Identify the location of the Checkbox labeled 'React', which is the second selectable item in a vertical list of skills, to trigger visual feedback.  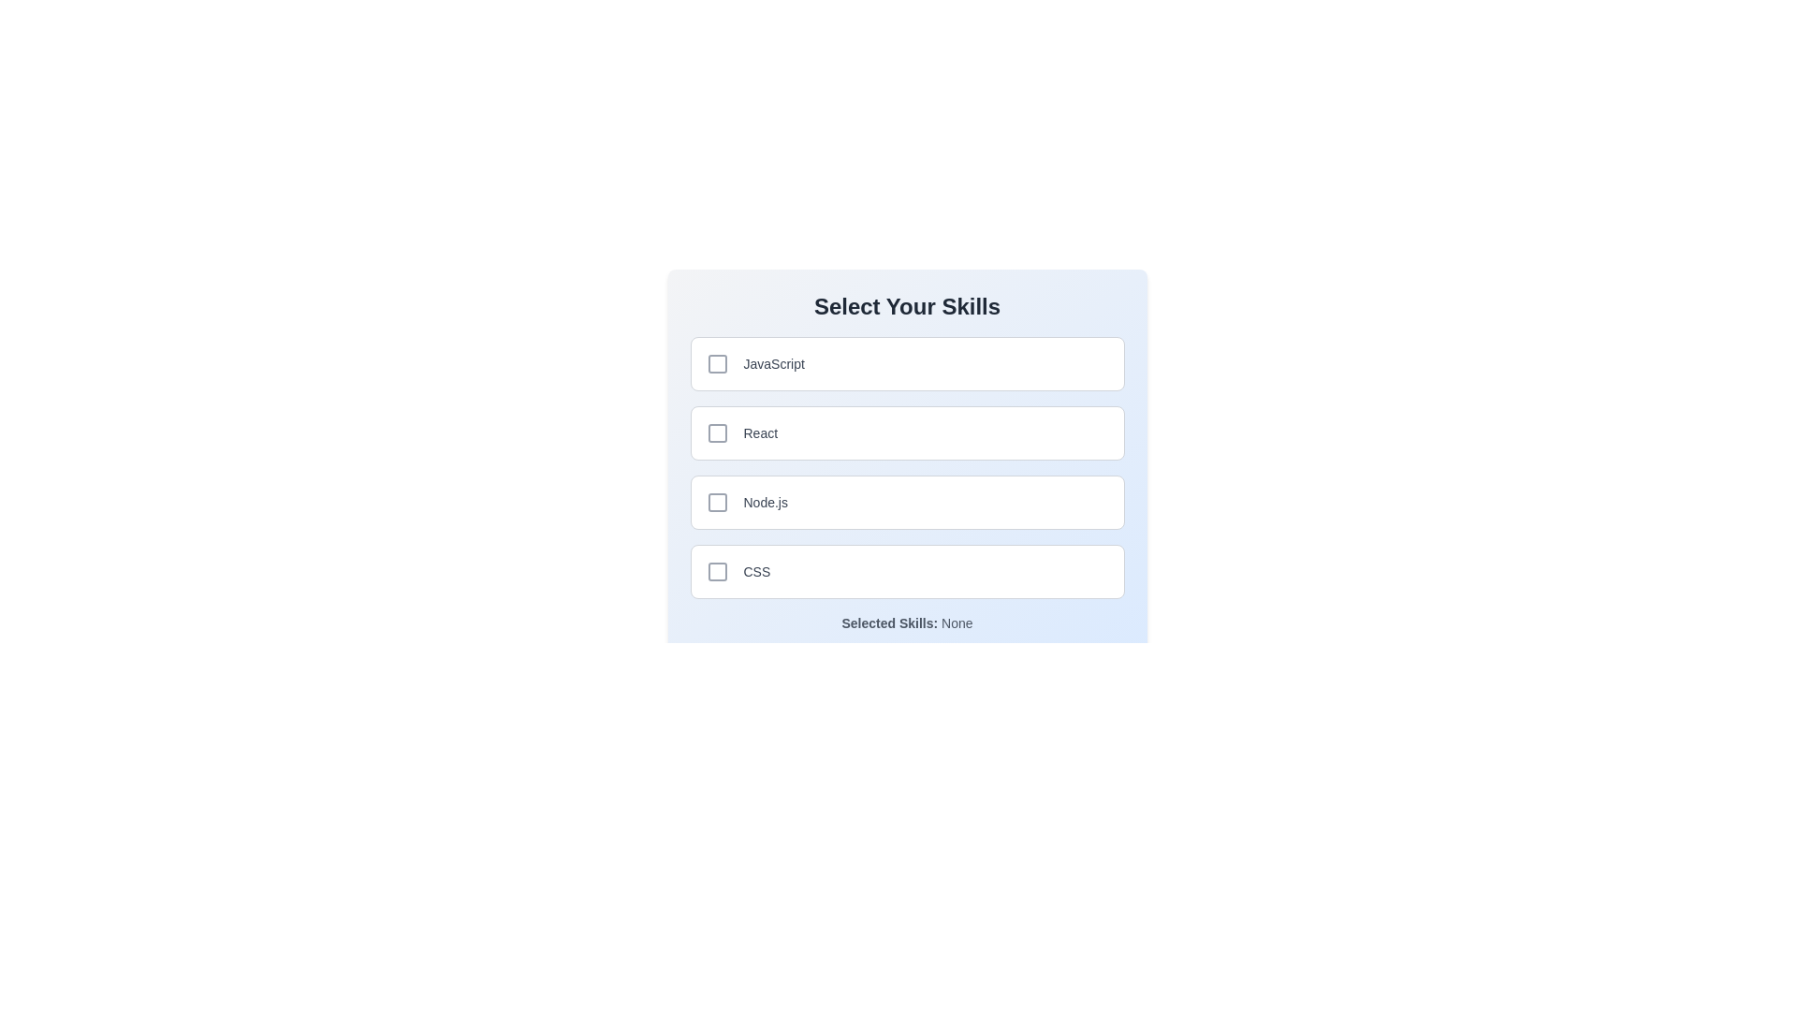
(907, 432).